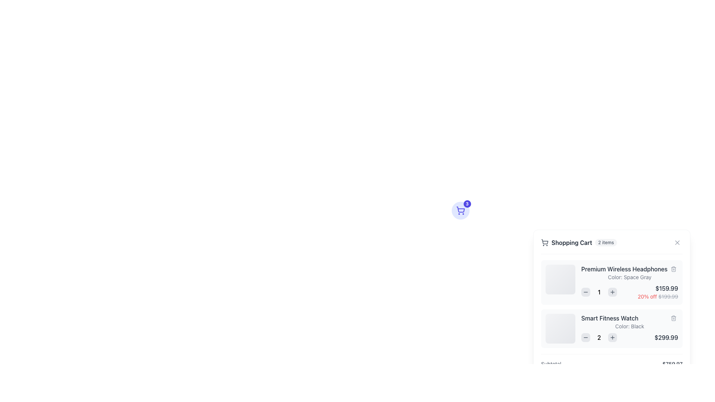 The image size is (715, 402). I want to click on total price displayed for the 'Smart Fitness Watch' in the shopping cart, located at the far-right of the product entry row, so click(666, 337).